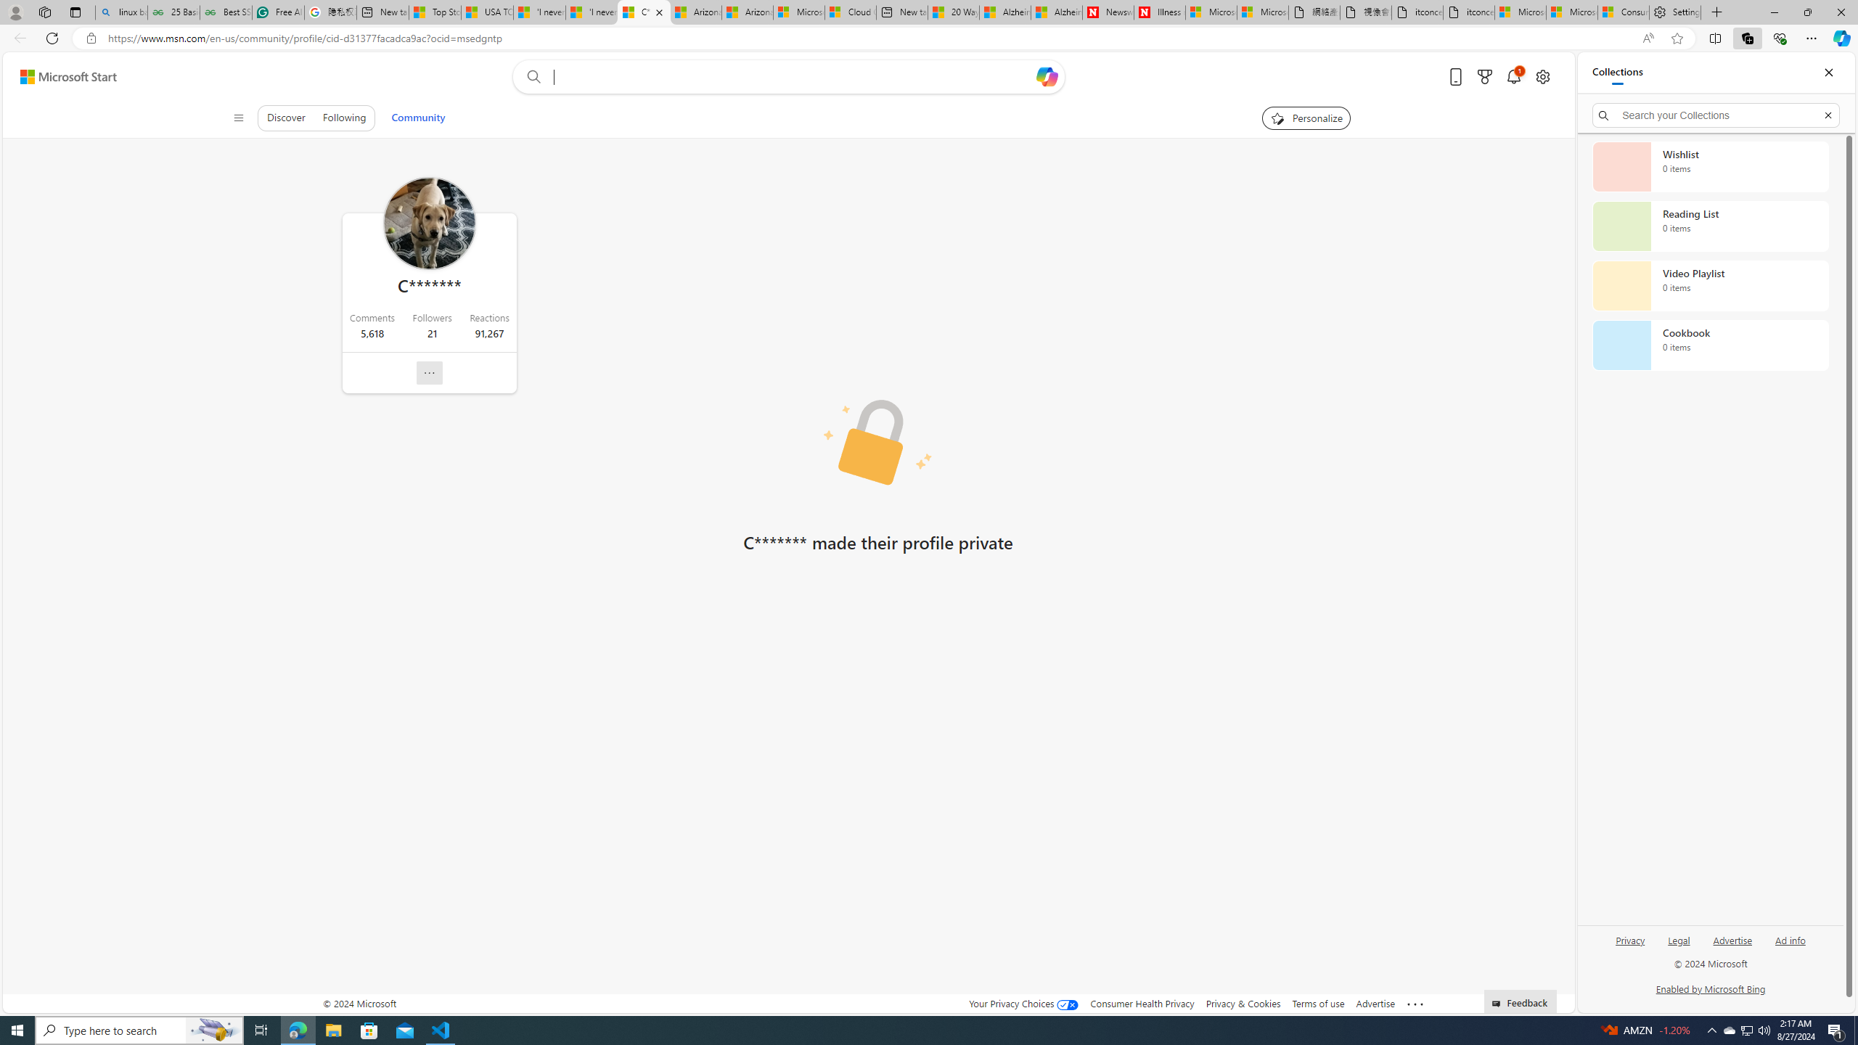 This screenshot has width=1858, height=1045. What do you see at coordinates (850, 12) in the screenshot?
I see `'Cloud Computing Services | Microsoft Azure'` at bounding box center [850, 12].